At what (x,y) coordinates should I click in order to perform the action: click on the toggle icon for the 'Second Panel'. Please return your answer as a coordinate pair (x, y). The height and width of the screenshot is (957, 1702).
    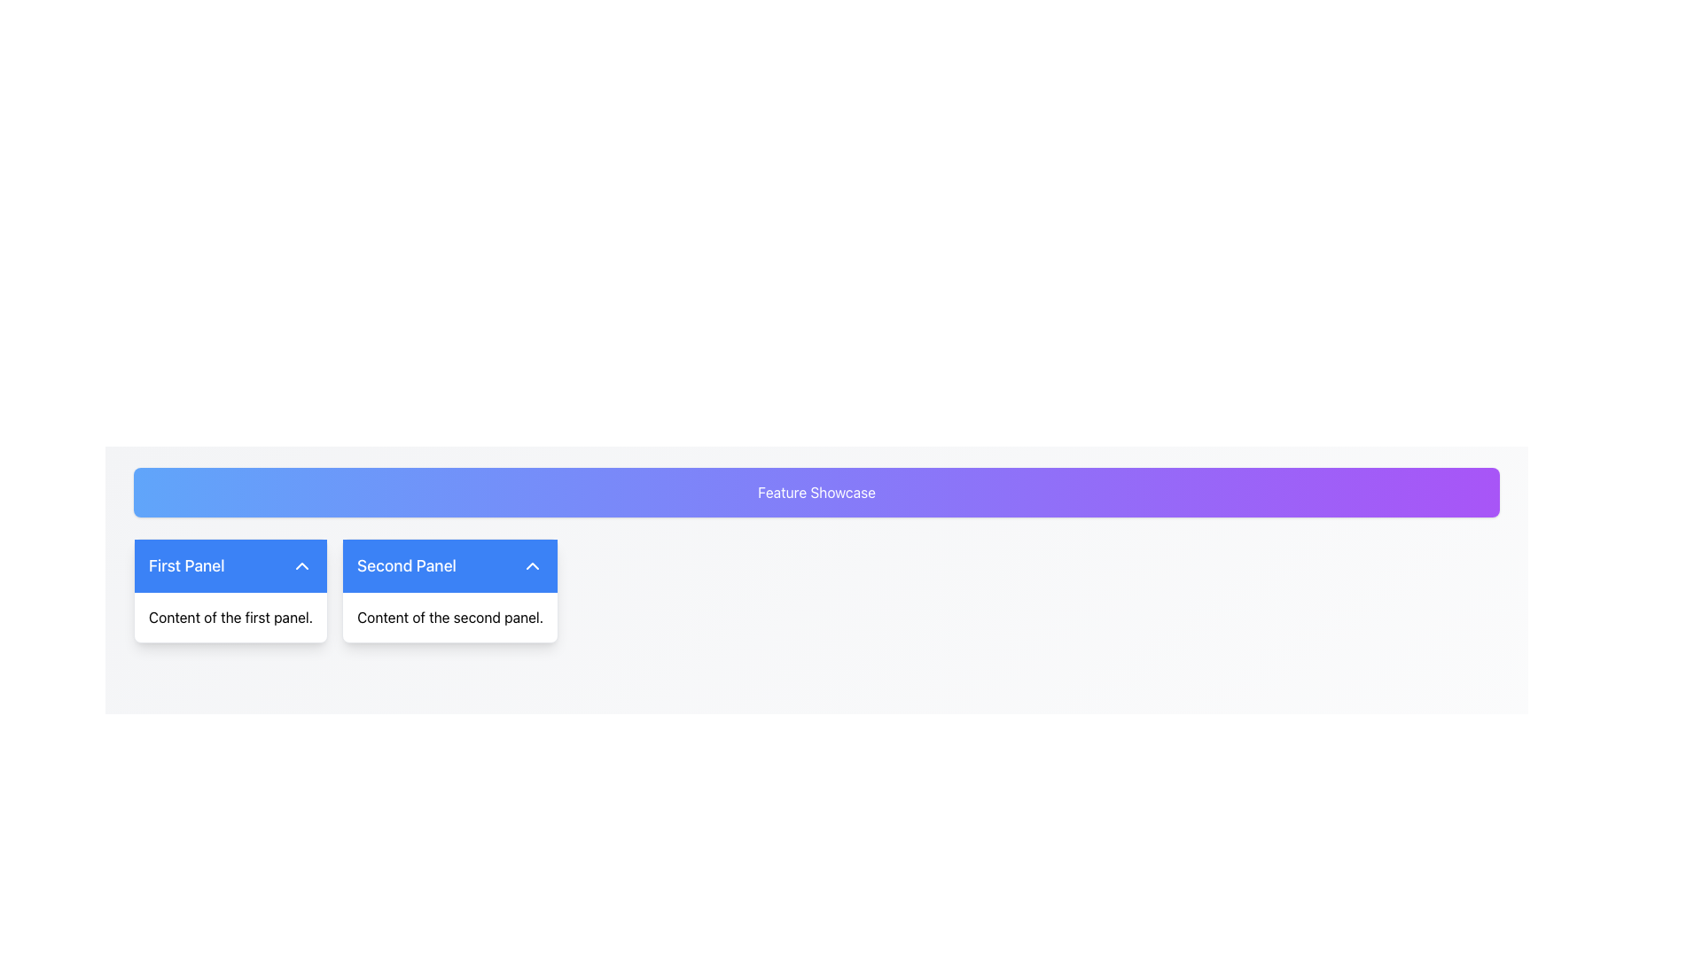
    Looking at the image, I should click on (532, 566).